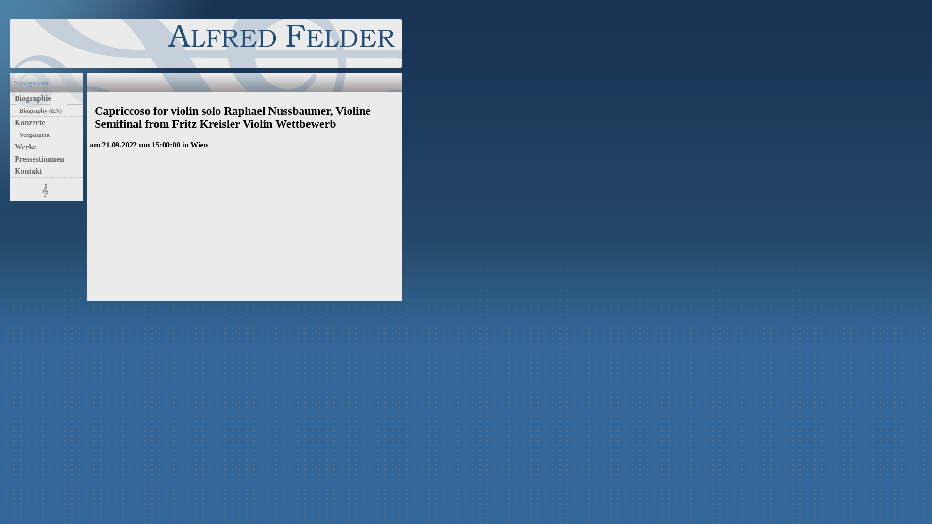 This screenshot has width=932, height=524. What do you see at coordinates (30, 98) in the screenshot?
I see `'Biographie'` at bounding box center [30, 98].